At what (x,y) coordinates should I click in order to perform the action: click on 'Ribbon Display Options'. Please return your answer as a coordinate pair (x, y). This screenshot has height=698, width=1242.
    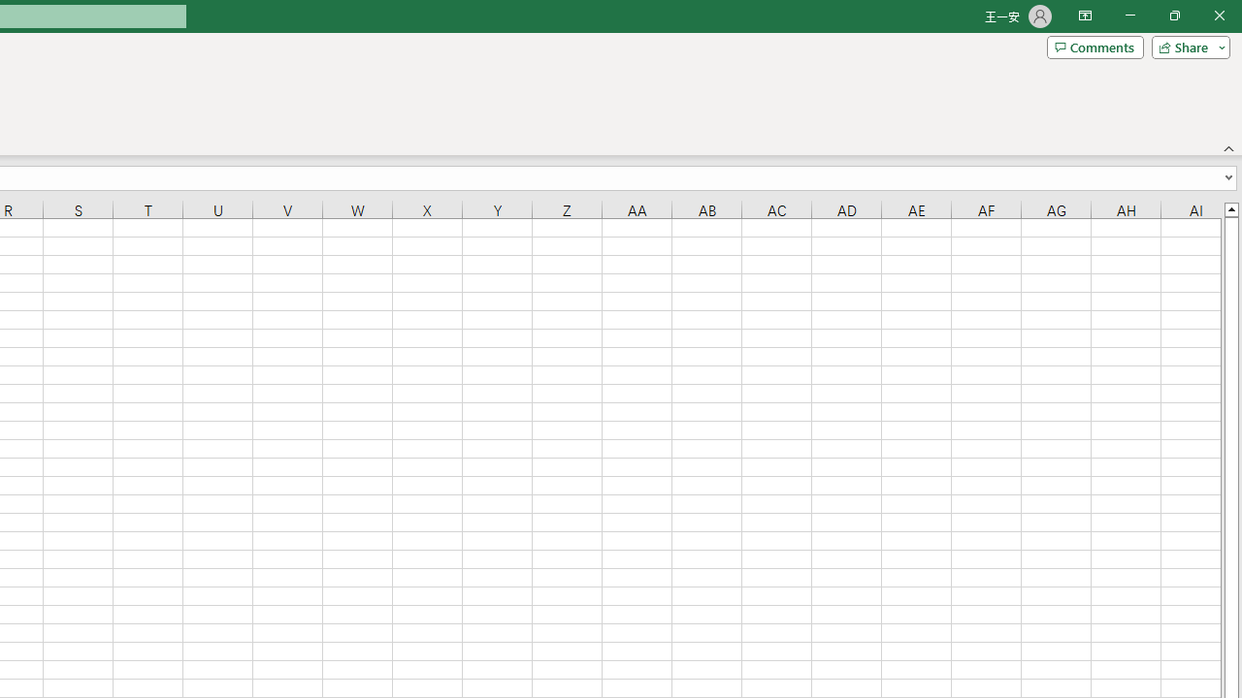
    Looking at the image, I should click on (1084, 16).